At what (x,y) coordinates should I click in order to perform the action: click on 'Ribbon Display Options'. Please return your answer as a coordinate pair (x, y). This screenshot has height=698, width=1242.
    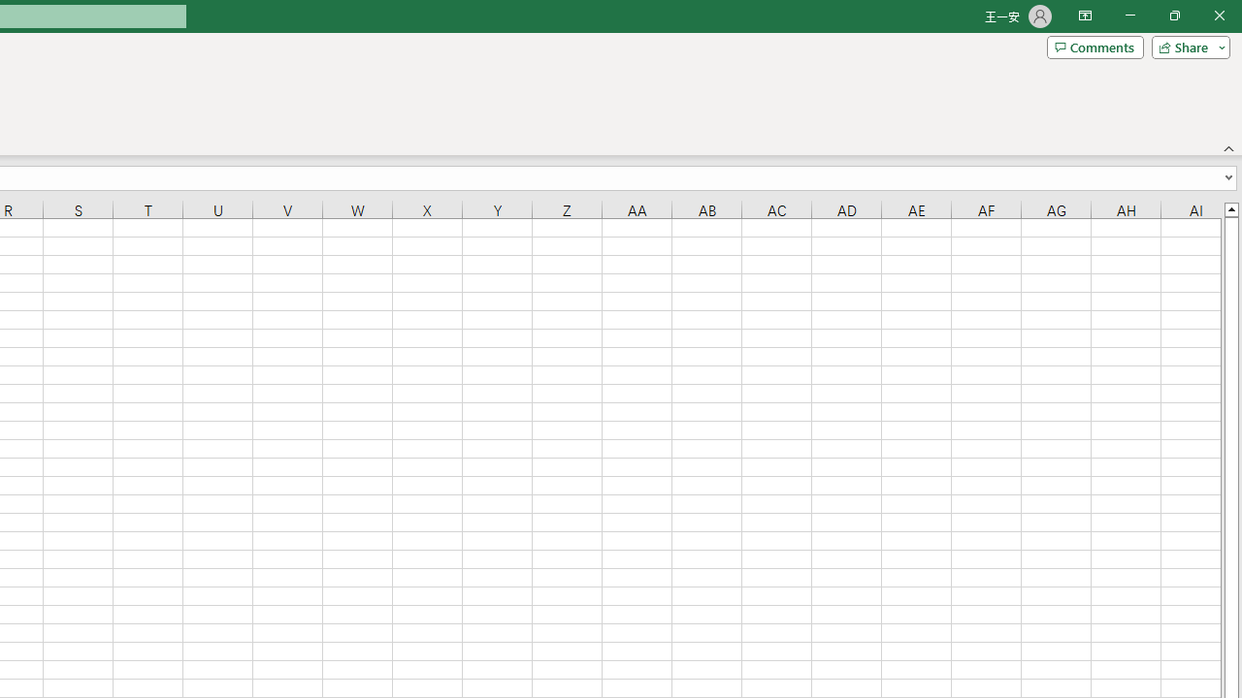
    Looking at the image, I should click on (1084, 16).